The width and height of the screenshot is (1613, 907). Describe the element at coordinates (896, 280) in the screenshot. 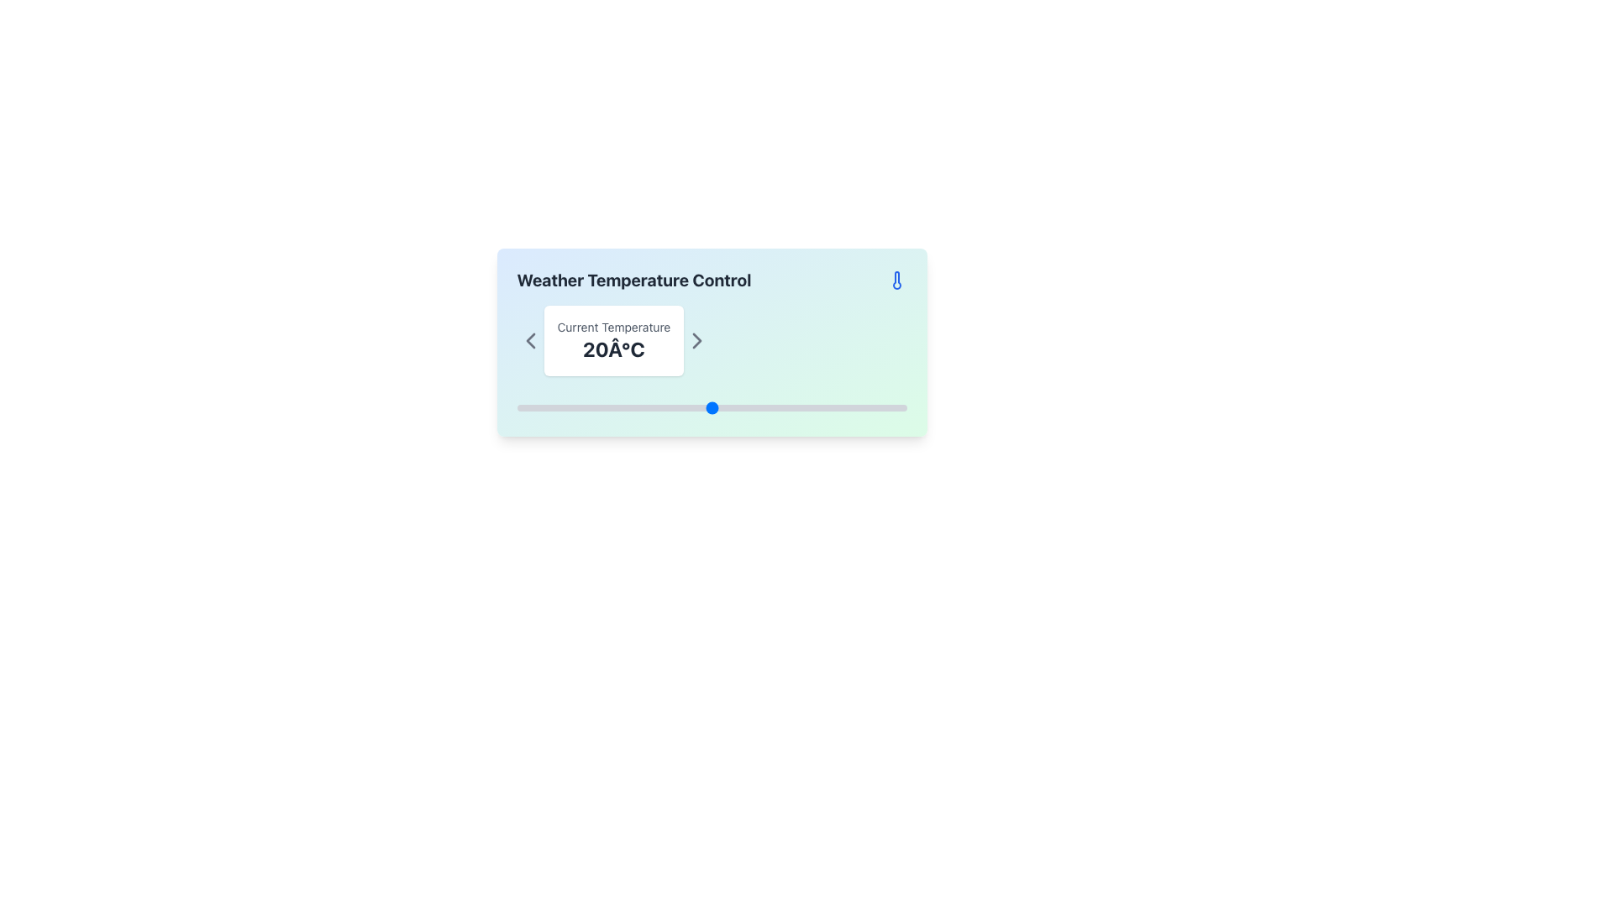

I see `the red-filled bulb of the thermometer icon in the 'Weather Temperature Control' interface, which visually represents temperature` at that location.